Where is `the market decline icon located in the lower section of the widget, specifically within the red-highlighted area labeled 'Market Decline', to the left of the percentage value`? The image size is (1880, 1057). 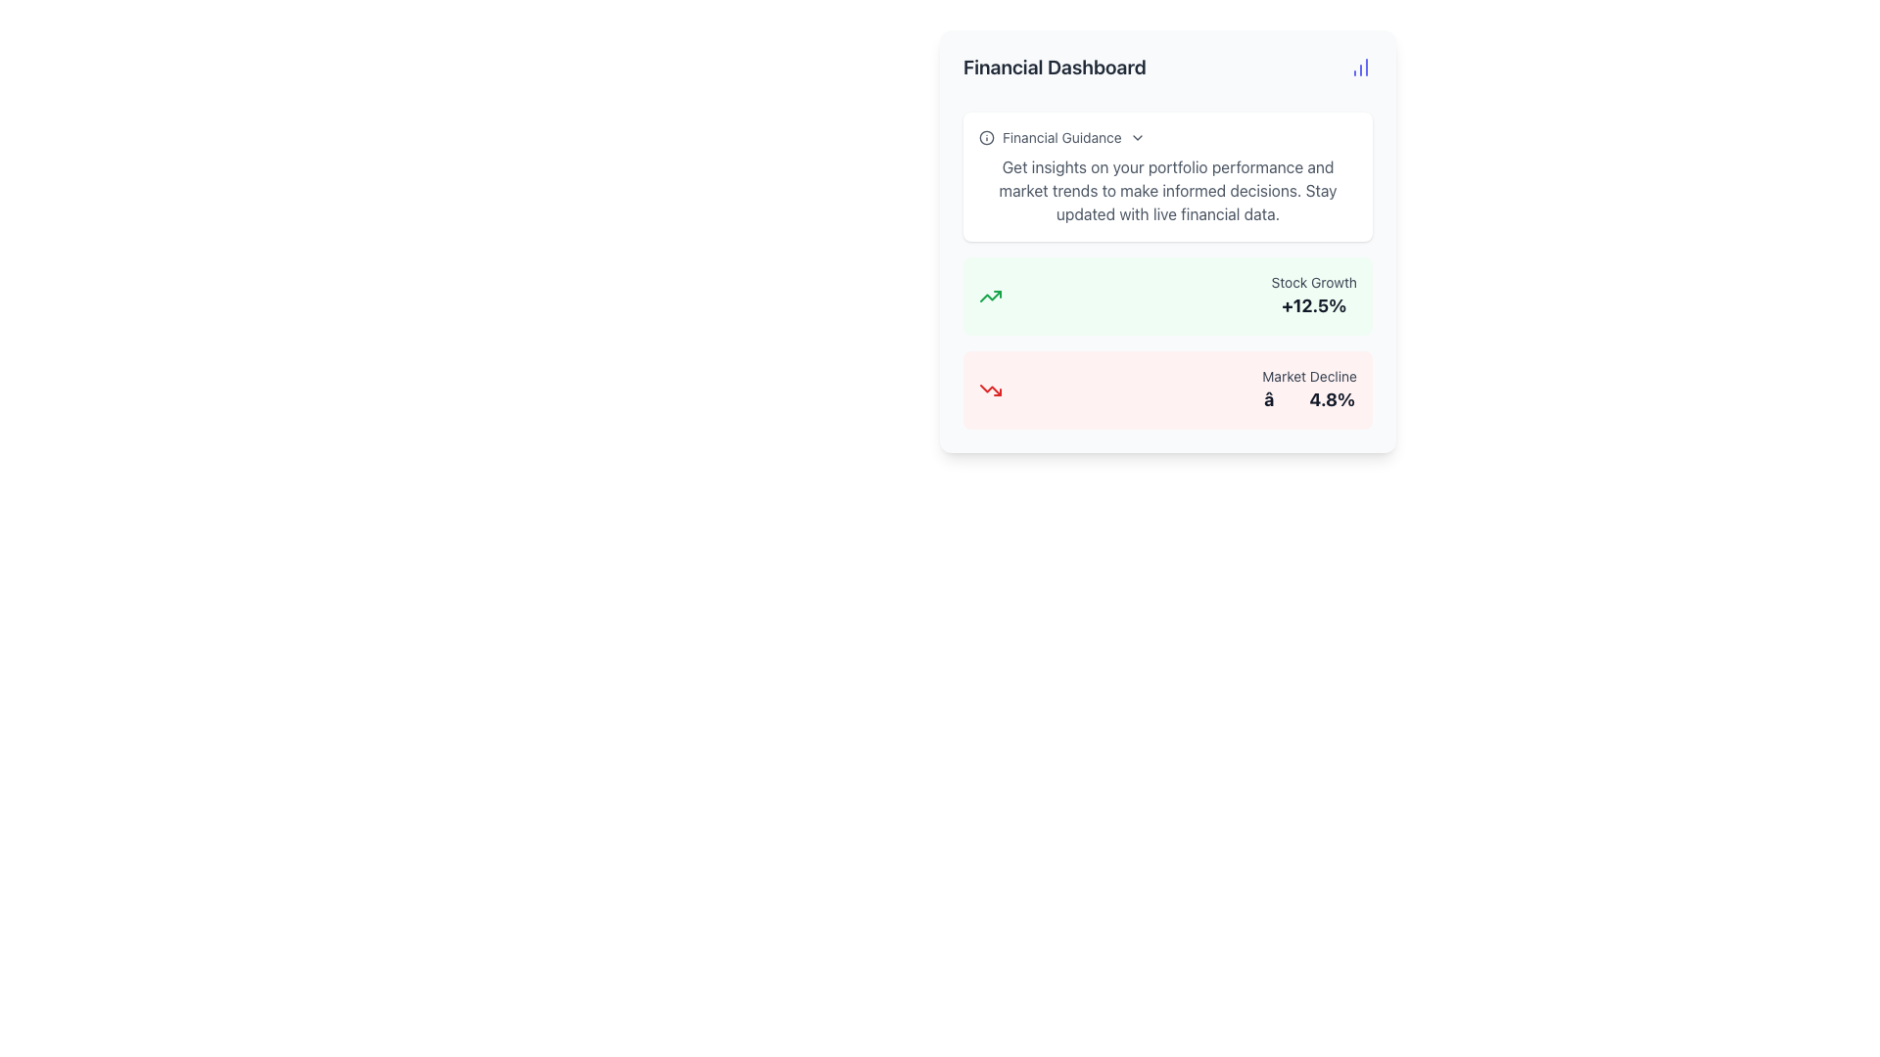 the market decline icon located in the lower section of the widget, specifically within the red-highlighted area labeled 'Market Decline', to the left of the percentage value is located at coordinates (991, 390).